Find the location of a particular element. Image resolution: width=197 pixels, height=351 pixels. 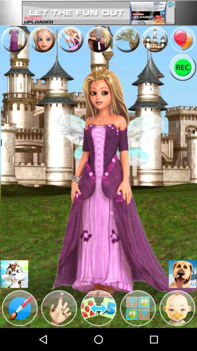

selec castle is located at coordinates (154, 39).